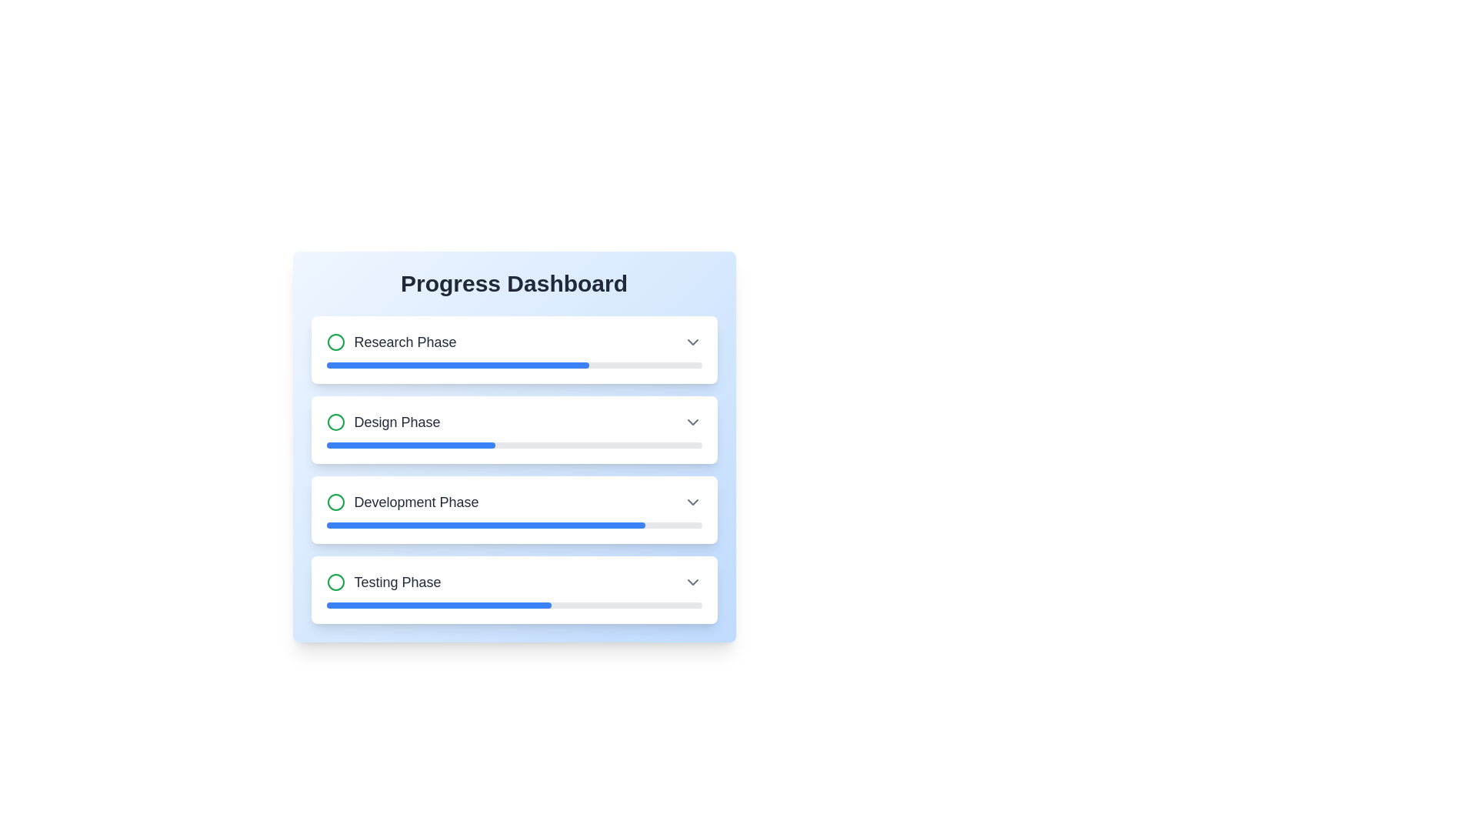  I want to click on the progress level of the progress bar located in the 'Testing Phase' section of the 'Progress Dashboard', positioned as the fourth item below the text label, so click(514, 604).